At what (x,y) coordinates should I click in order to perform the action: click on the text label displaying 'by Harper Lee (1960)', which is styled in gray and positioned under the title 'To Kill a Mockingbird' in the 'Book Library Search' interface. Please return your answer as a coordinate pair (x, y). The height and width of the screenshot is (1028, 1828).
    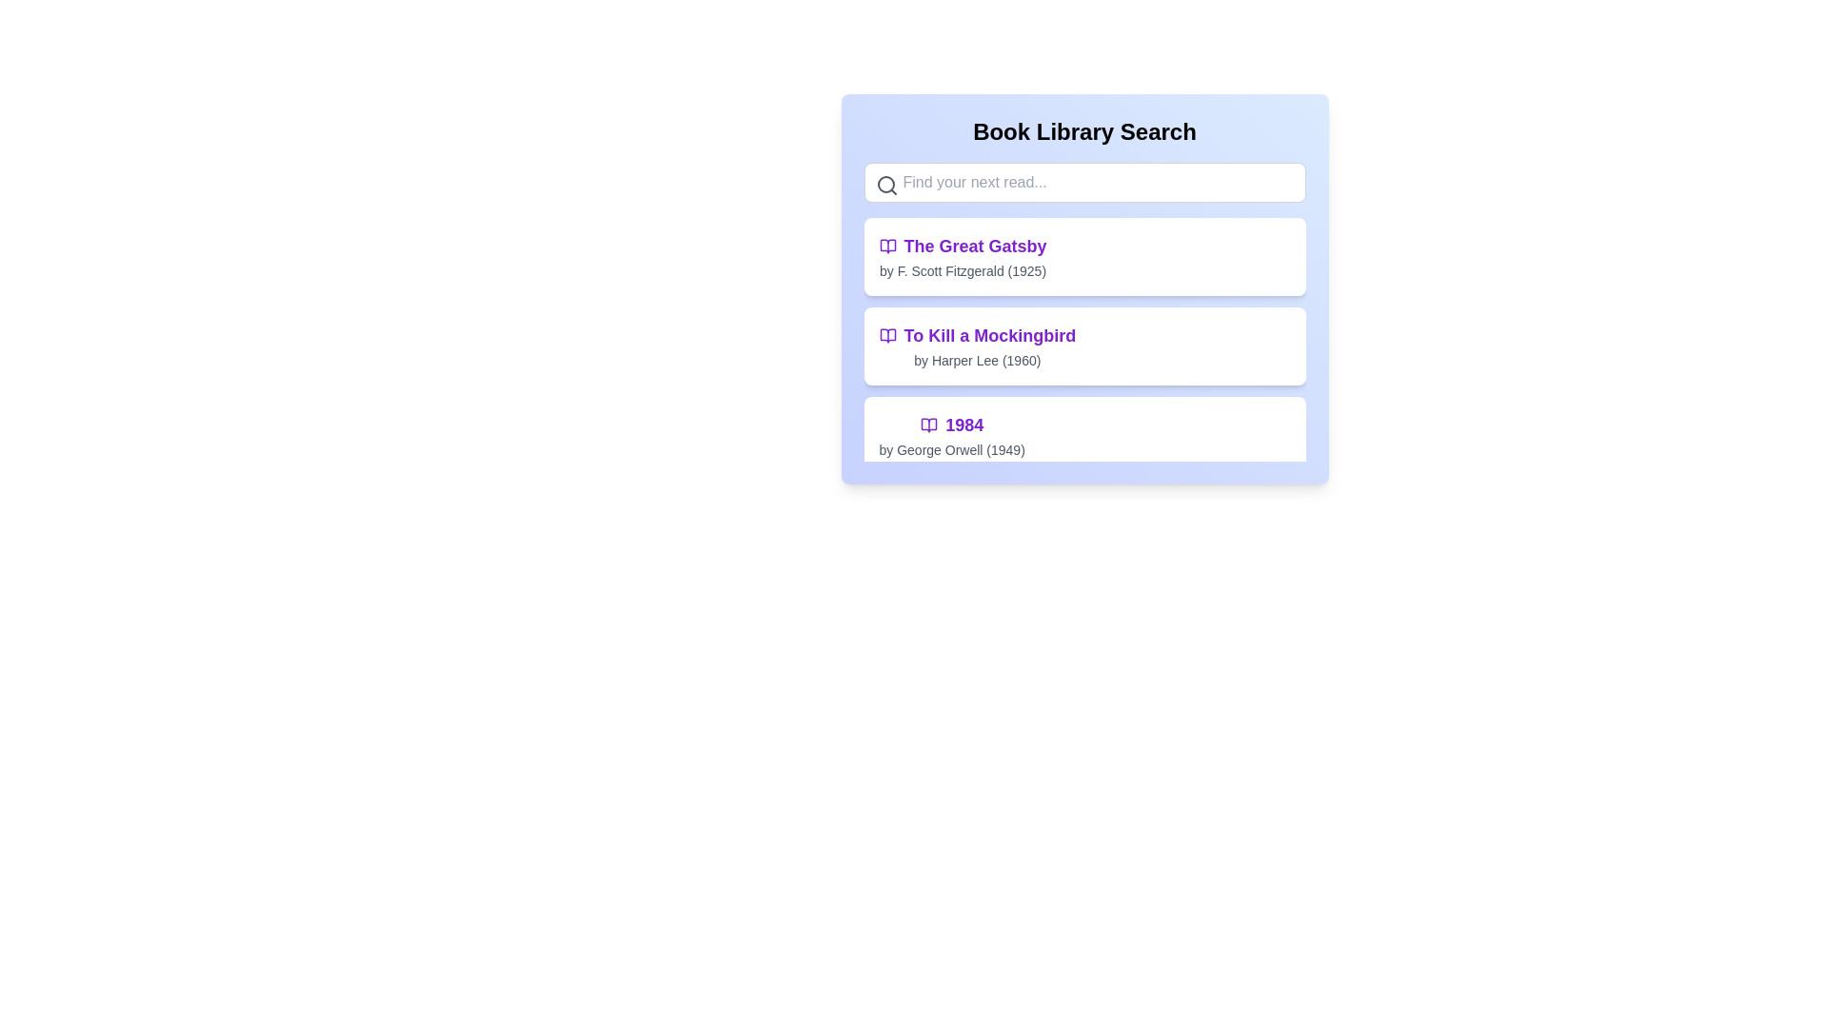
    Looking at the image, I should click on (977, 360).